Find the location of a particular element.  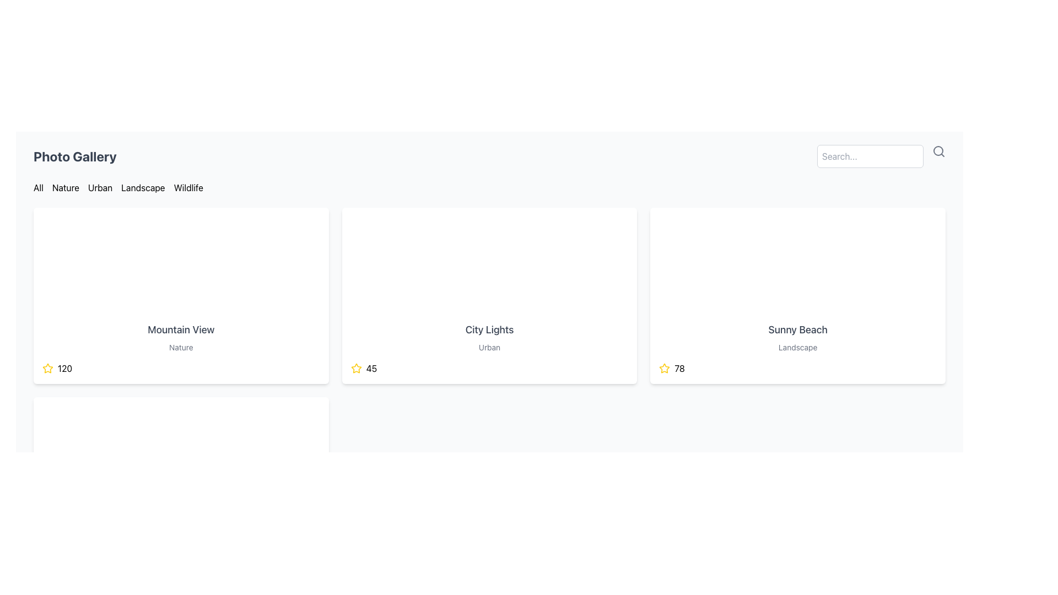

numerical count displayed in the bottom-left corner of the third card in the photo gallery row, adjacent to the star-shaped icon is located at coordinates (679, 368).